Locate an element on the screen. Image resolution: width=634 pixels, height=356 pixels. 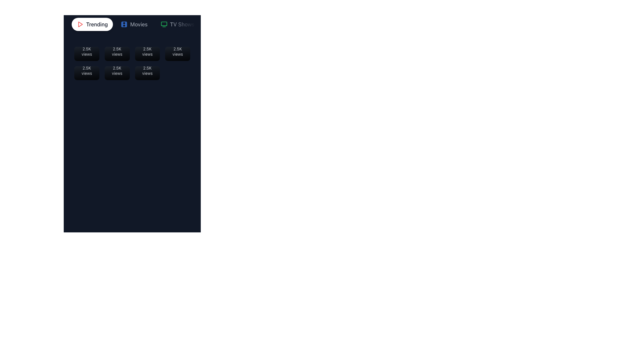
the view count display for 'Content Title 2', which is the second item in the top row of the grid layout is located at coordinates (117, 48).